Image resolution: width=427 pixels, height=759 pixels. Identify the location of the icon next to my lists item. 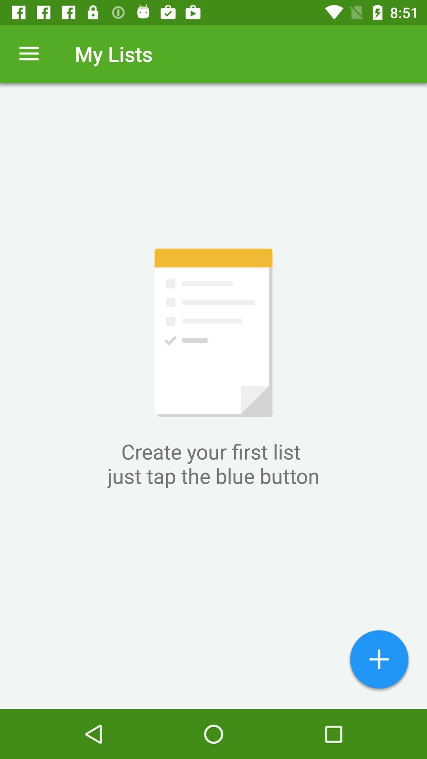
(28, 53).